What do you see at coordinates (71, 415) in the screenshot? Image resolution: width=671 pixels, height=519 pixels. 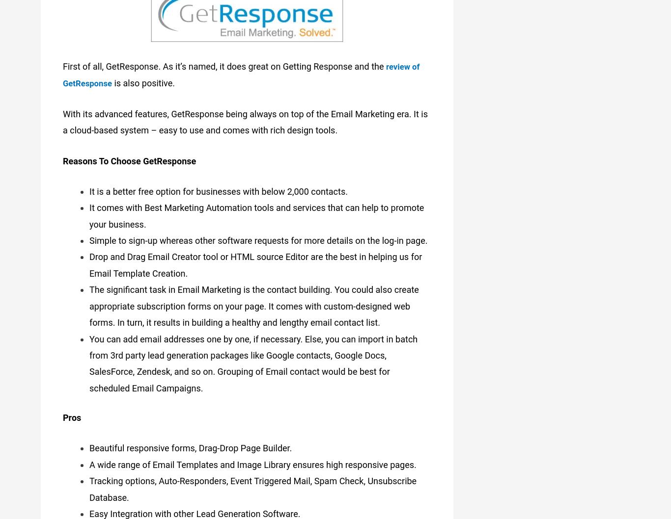 I see `'Pros'` at bounding box center [71, 415].